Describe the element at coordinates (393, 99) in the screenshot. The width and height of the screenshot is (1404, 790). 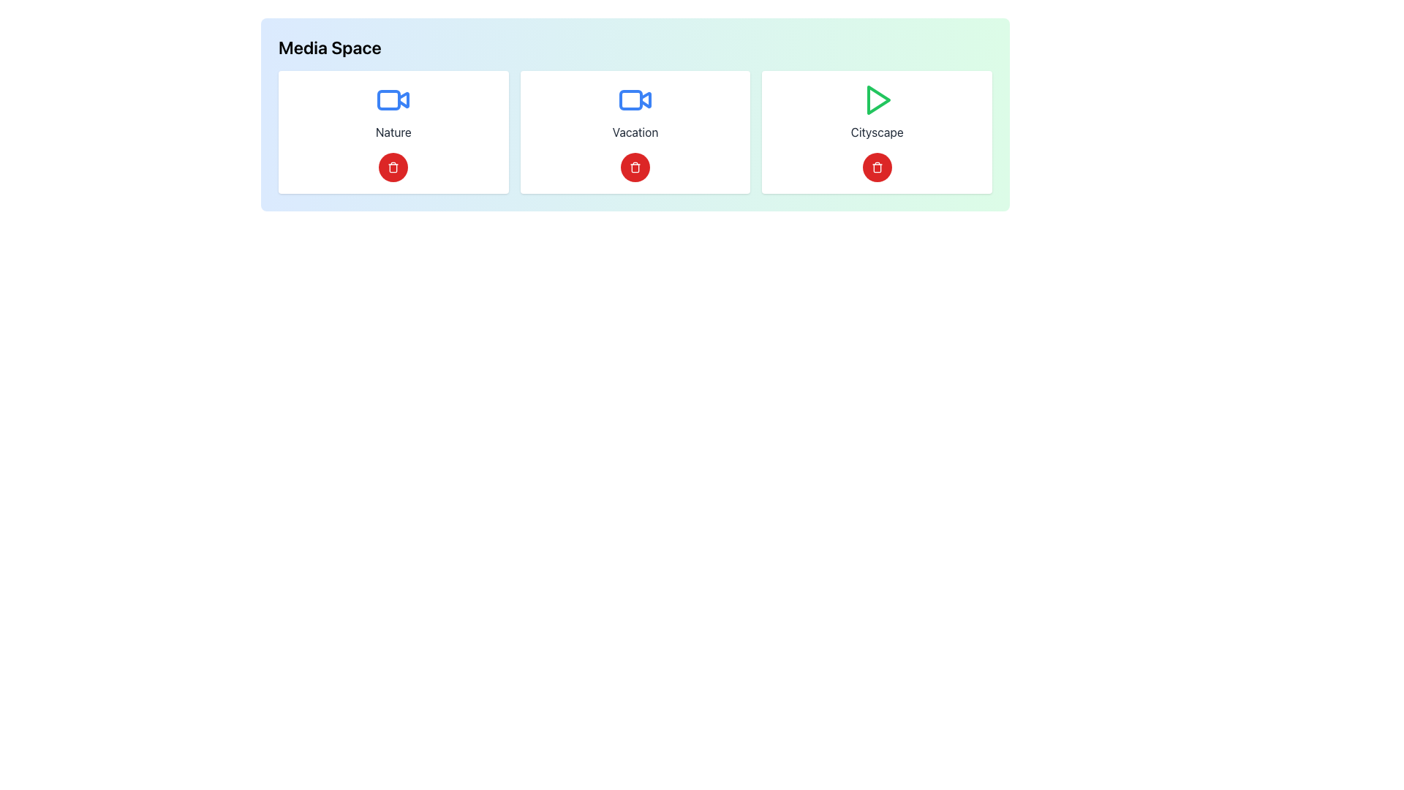
I see `the video-related icon located at the top of the 'Nature' card, which is the leftmost card in a horizontal grid of three cards` at that location.